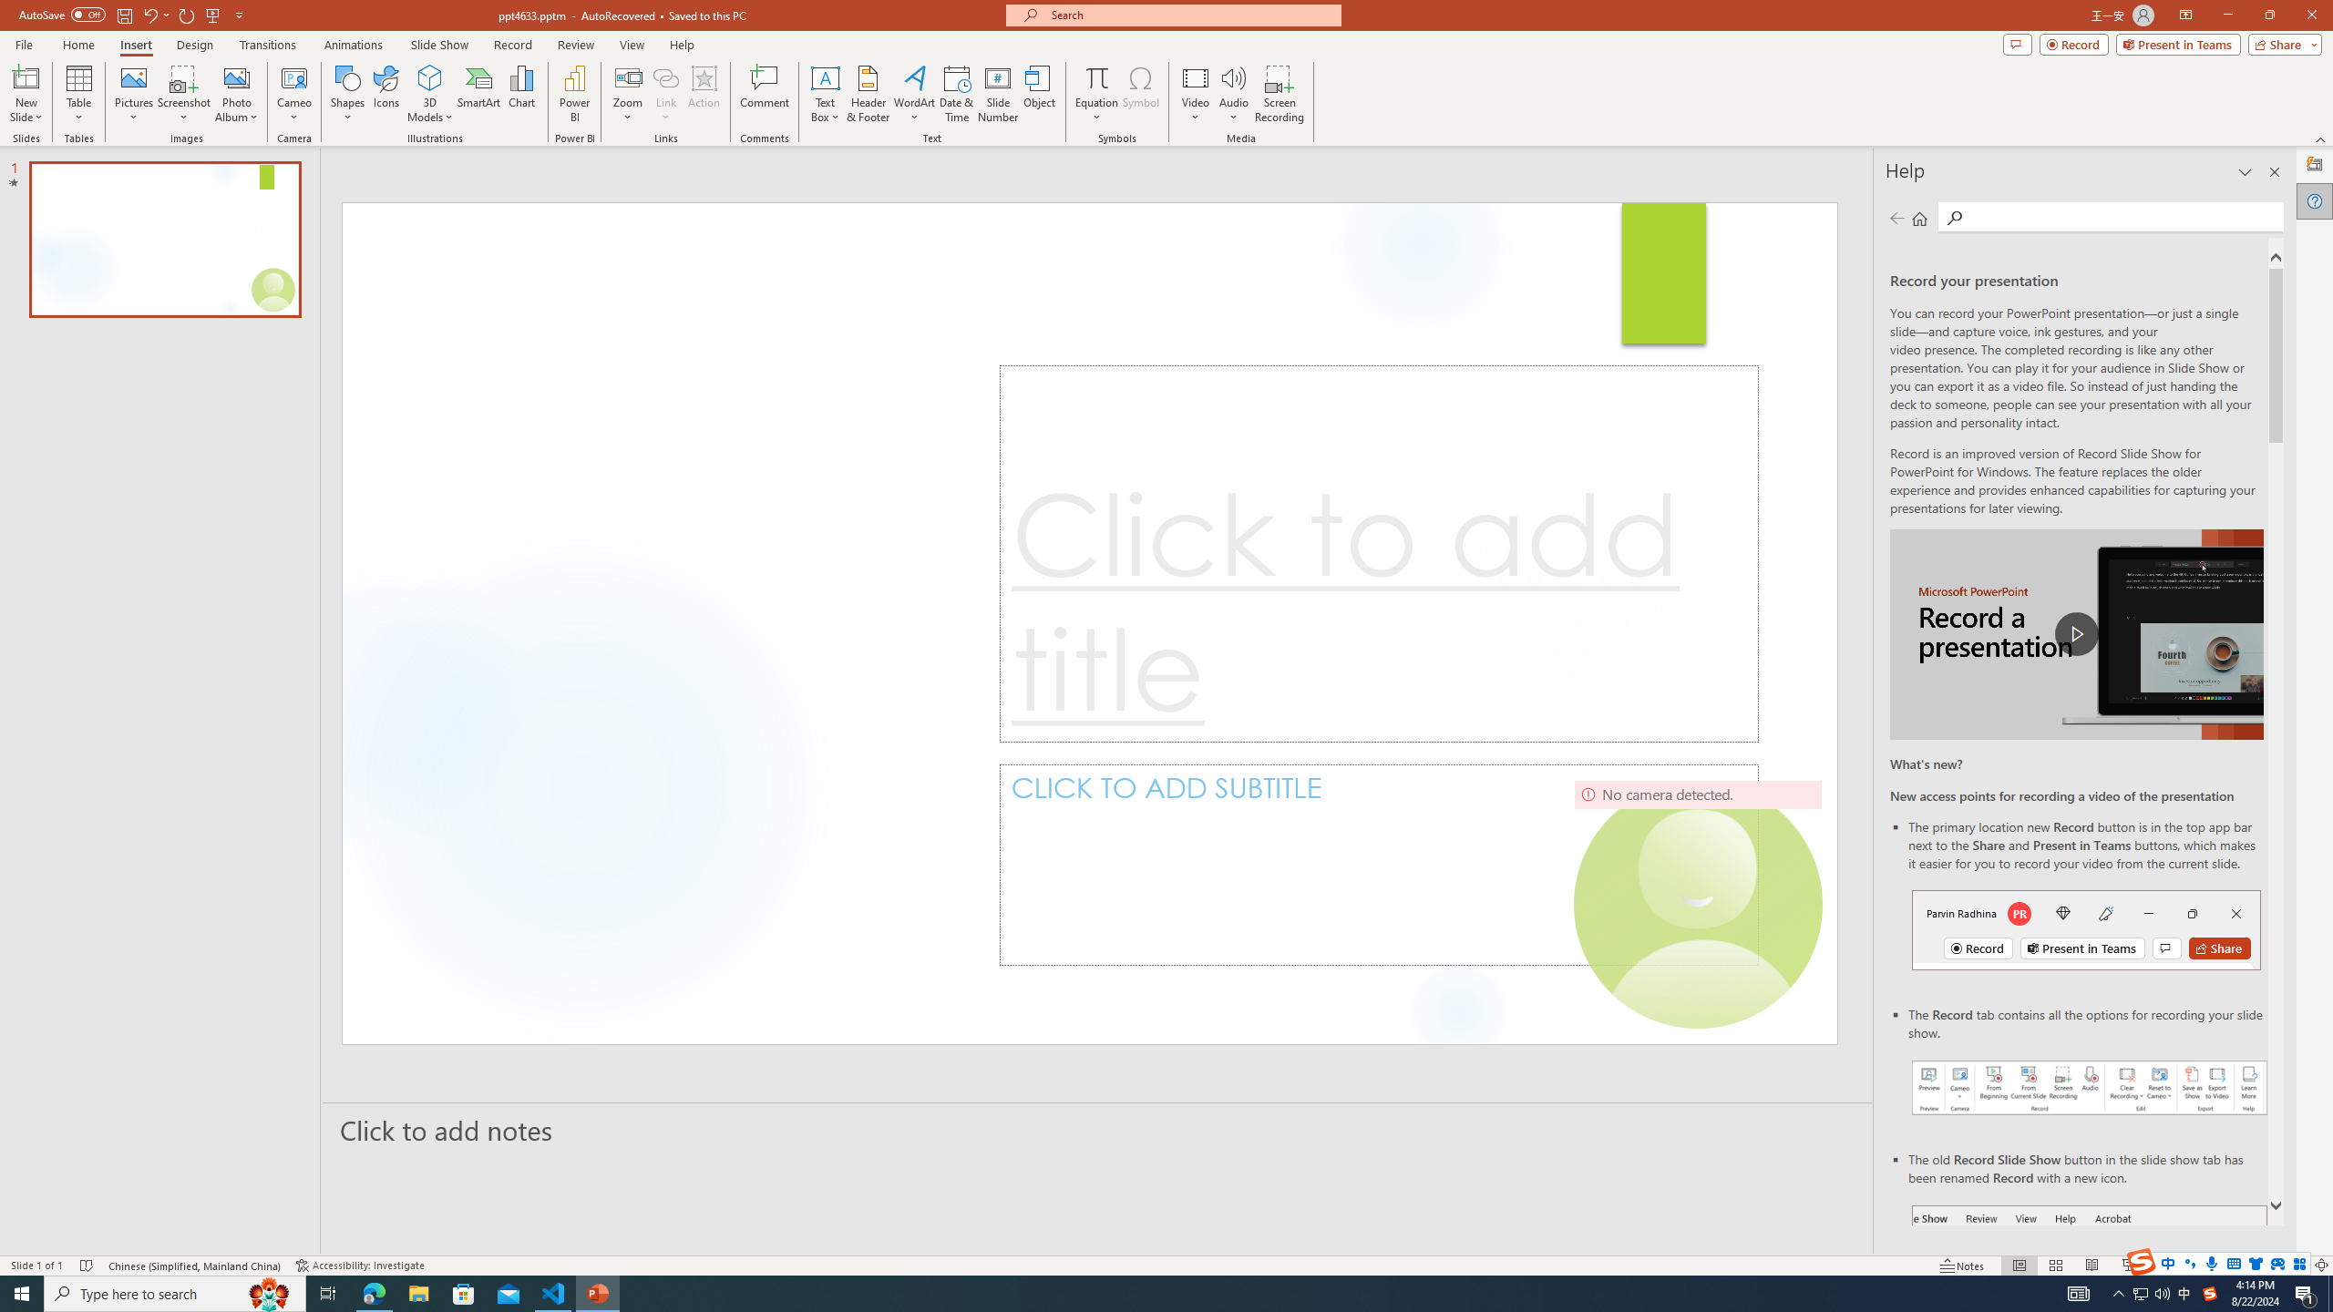 The image size is (2333, 1312). Describe the element at coordinates (825, 77) in the screenshot. I see `'Draw Horizontal Text Box'` at that location.